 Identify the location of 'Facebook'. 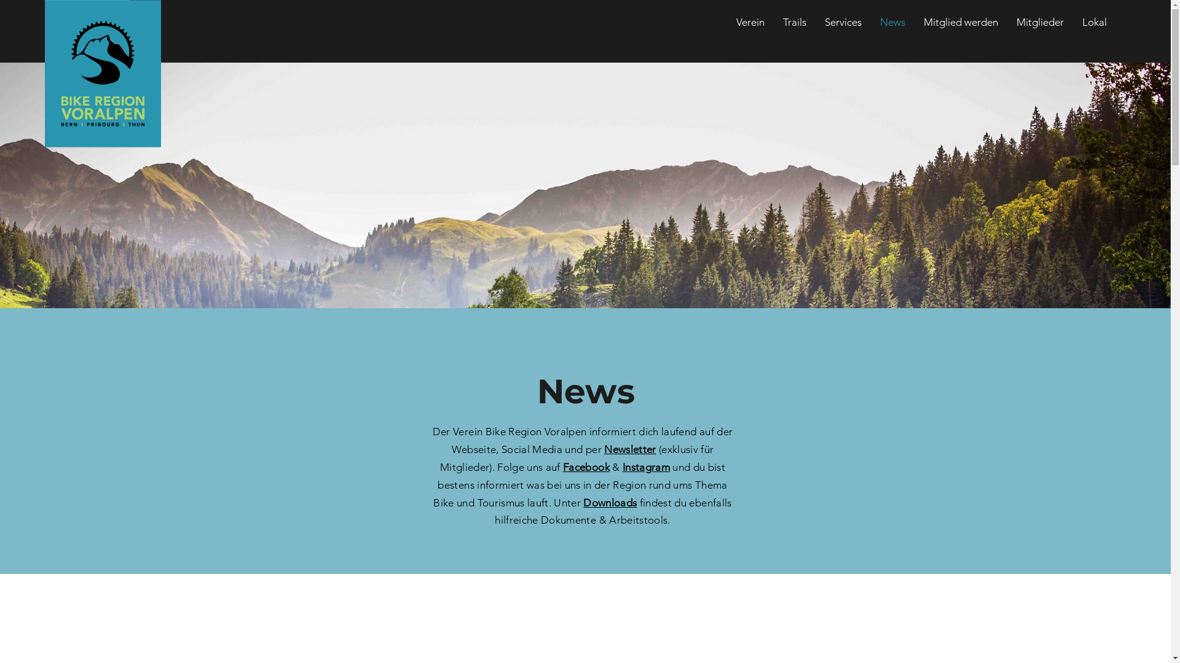
(586, 467).